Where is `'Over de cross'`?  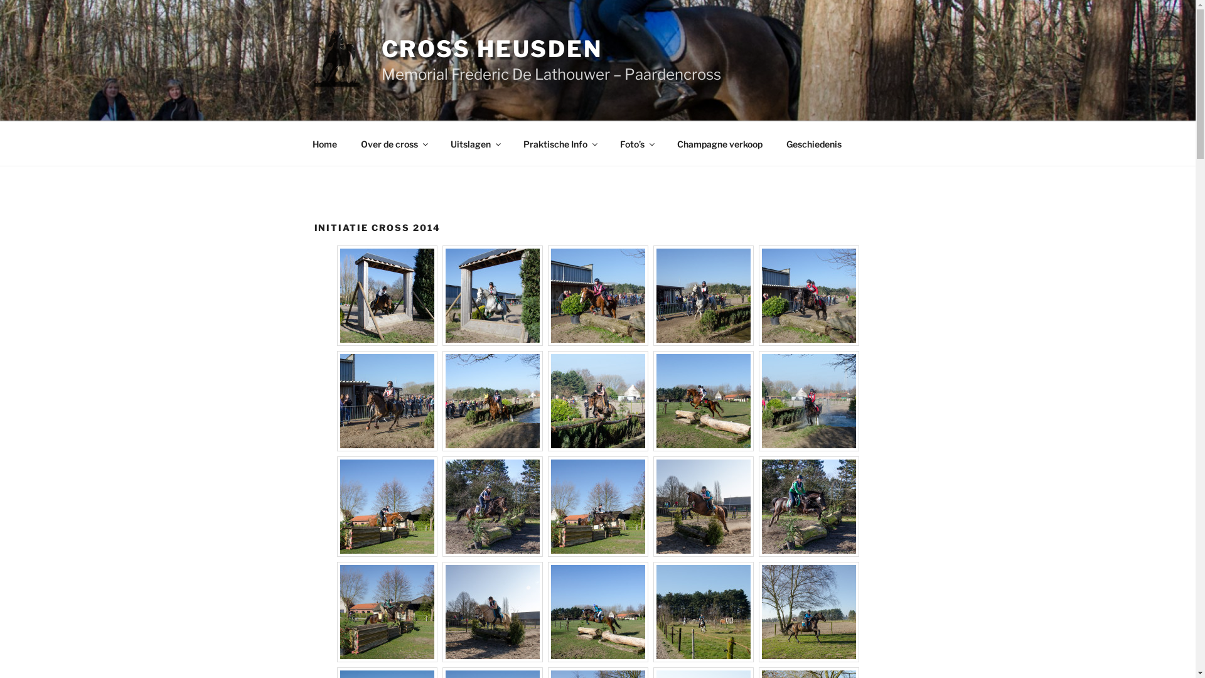 'Over de cross' is located at coordinates (394, 143).